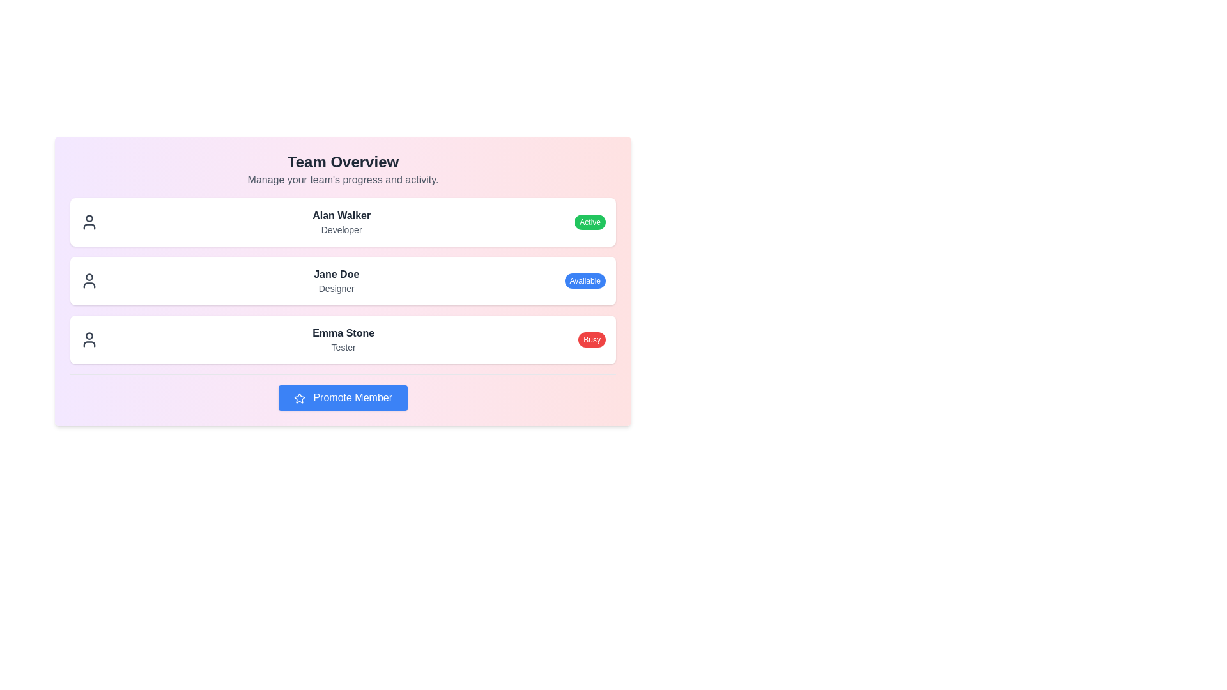  What do you see at coordinates (343, 169) in the screenshot?
I see `the 'Team Overview' header section, which features a bold title and a subtitle for managing team progress, located at the top of the member cards list` at bounding box center [343, 169].